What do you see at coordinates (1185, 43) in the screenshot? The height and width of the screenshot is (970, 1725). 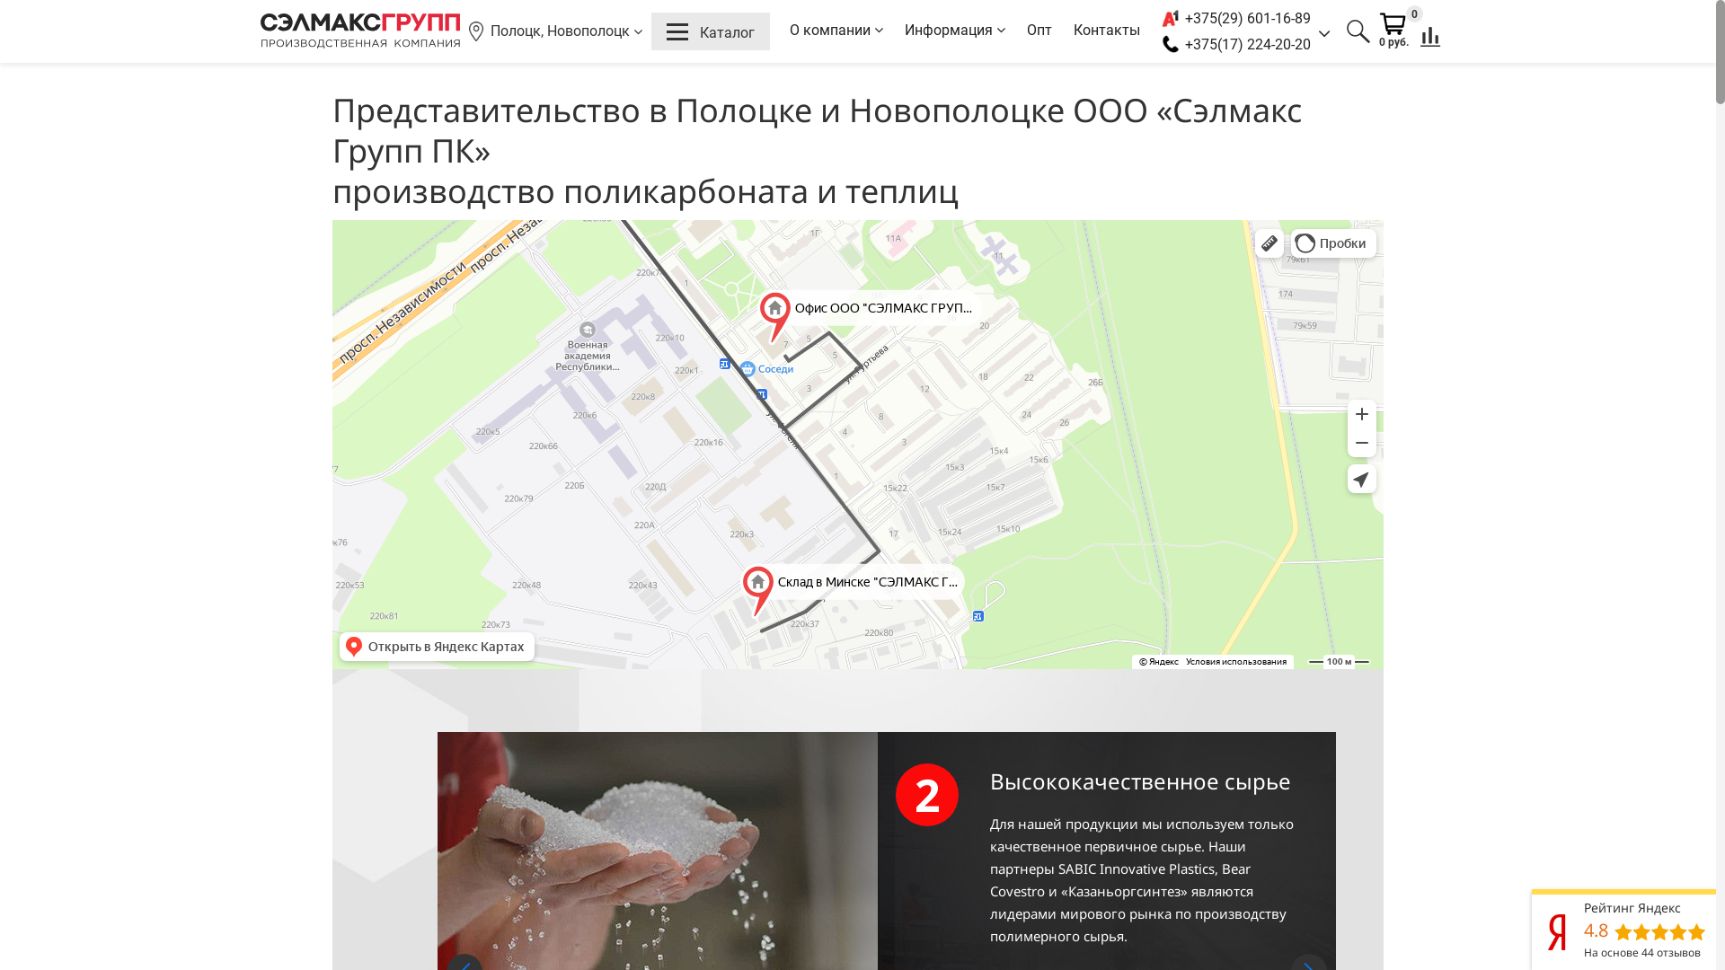 I see `'+375(17) 224-20-20'` at bounding box center [1185, 43].